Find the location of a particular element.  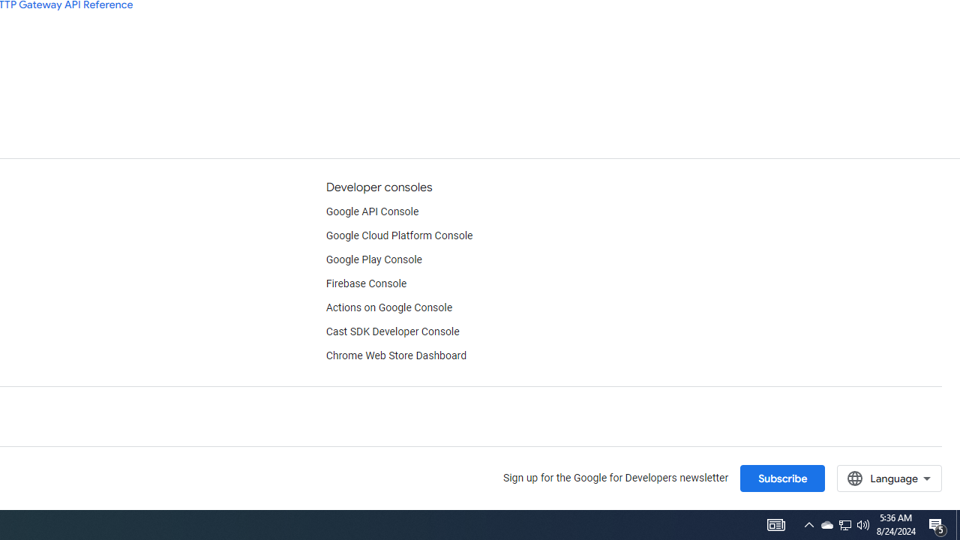

'Chrome Web Store Dashboard' is located at coordinates (396, 356).